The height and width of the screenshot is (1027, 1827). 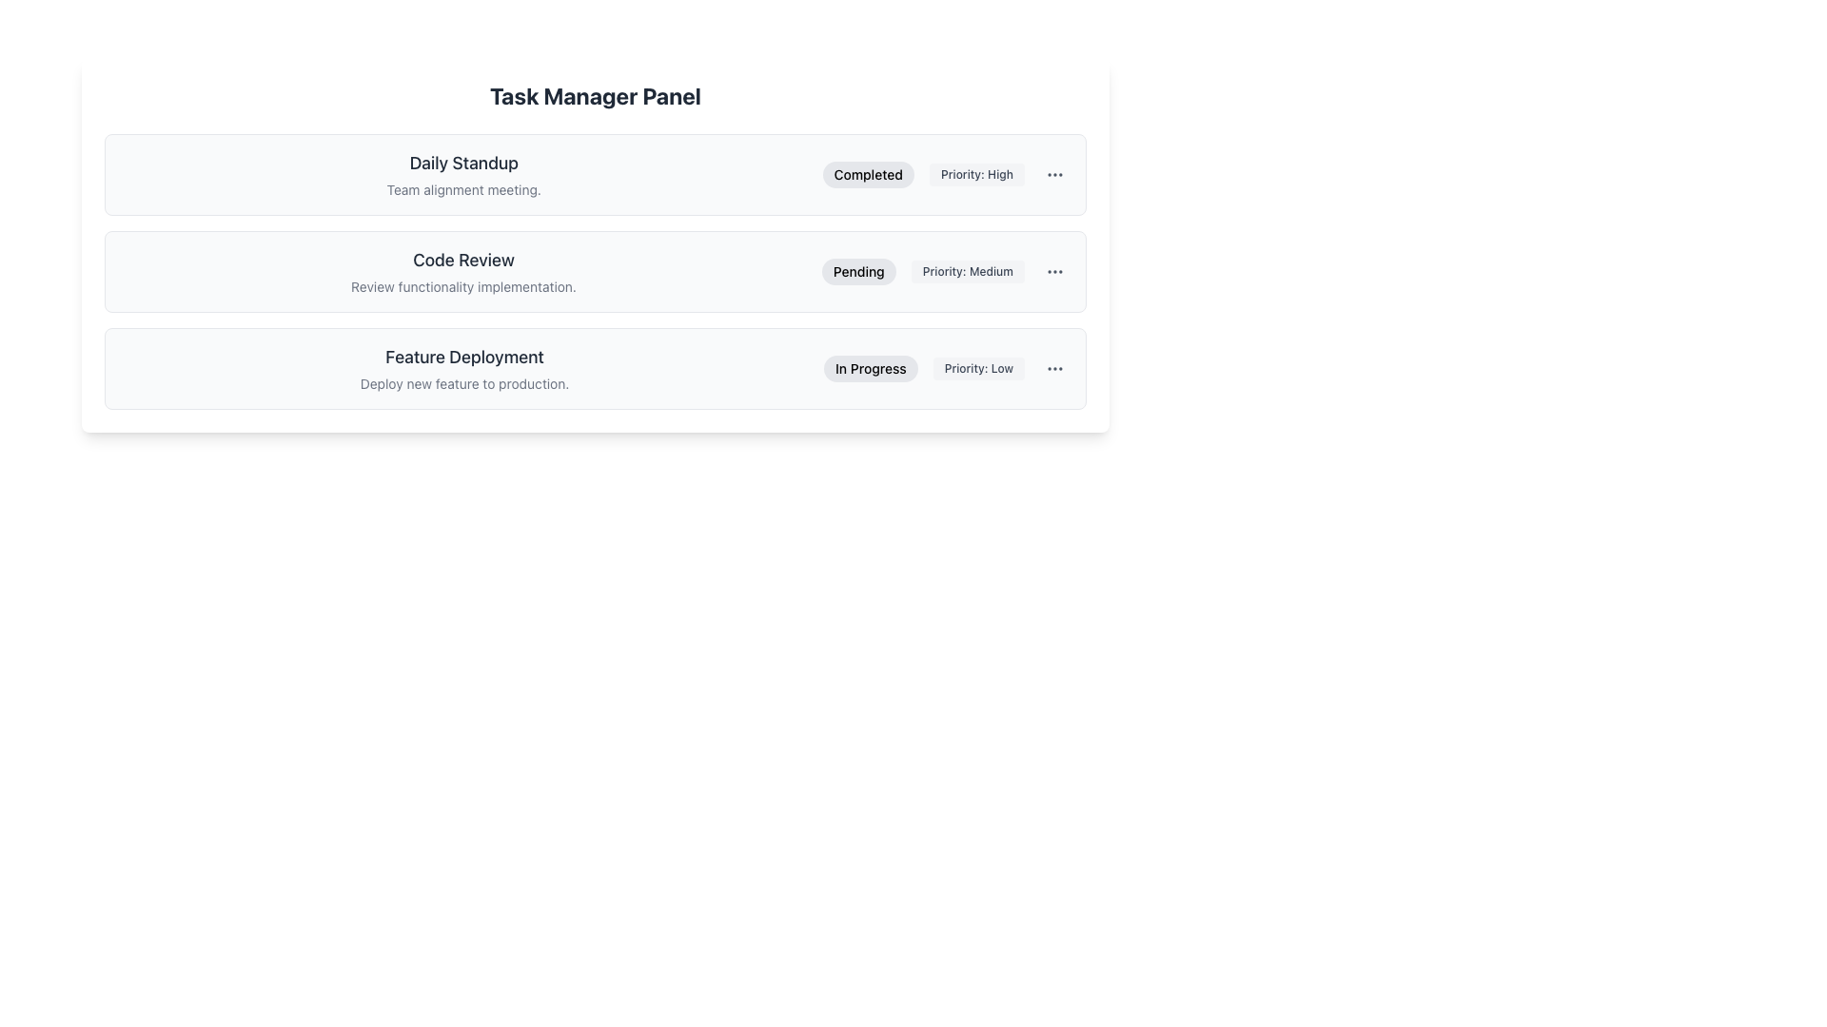 What do you see at coordinates (1053, 369) in the screenshot?
I see `the Overflow menu icon (ellipsis) located at the far right end of the 'Feature Deployment' row` at bounding box center [1053, 369].